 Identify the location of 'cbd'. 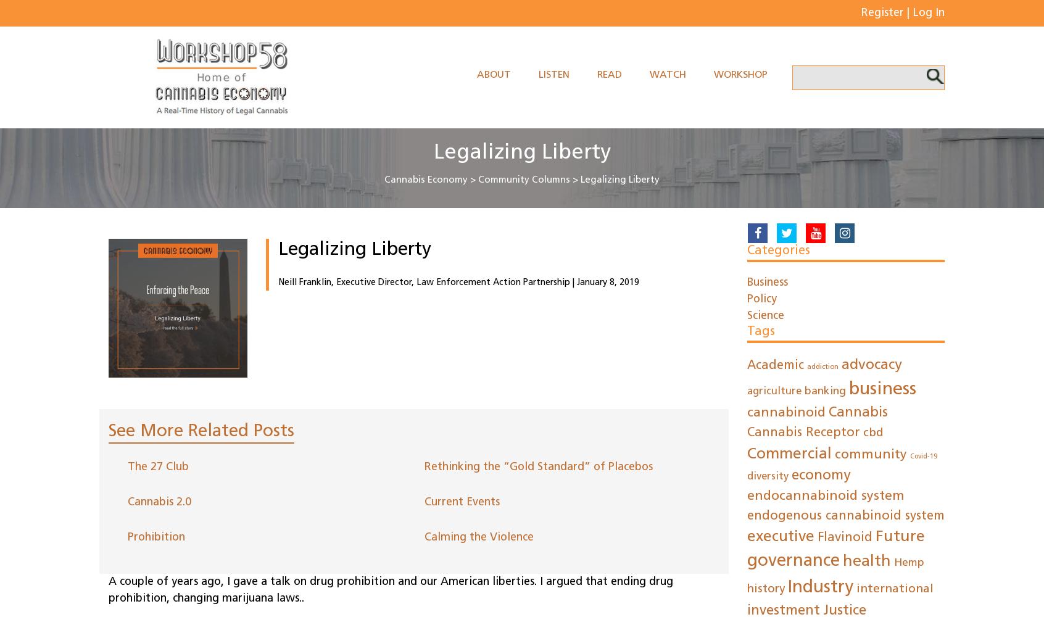
(863, 433).